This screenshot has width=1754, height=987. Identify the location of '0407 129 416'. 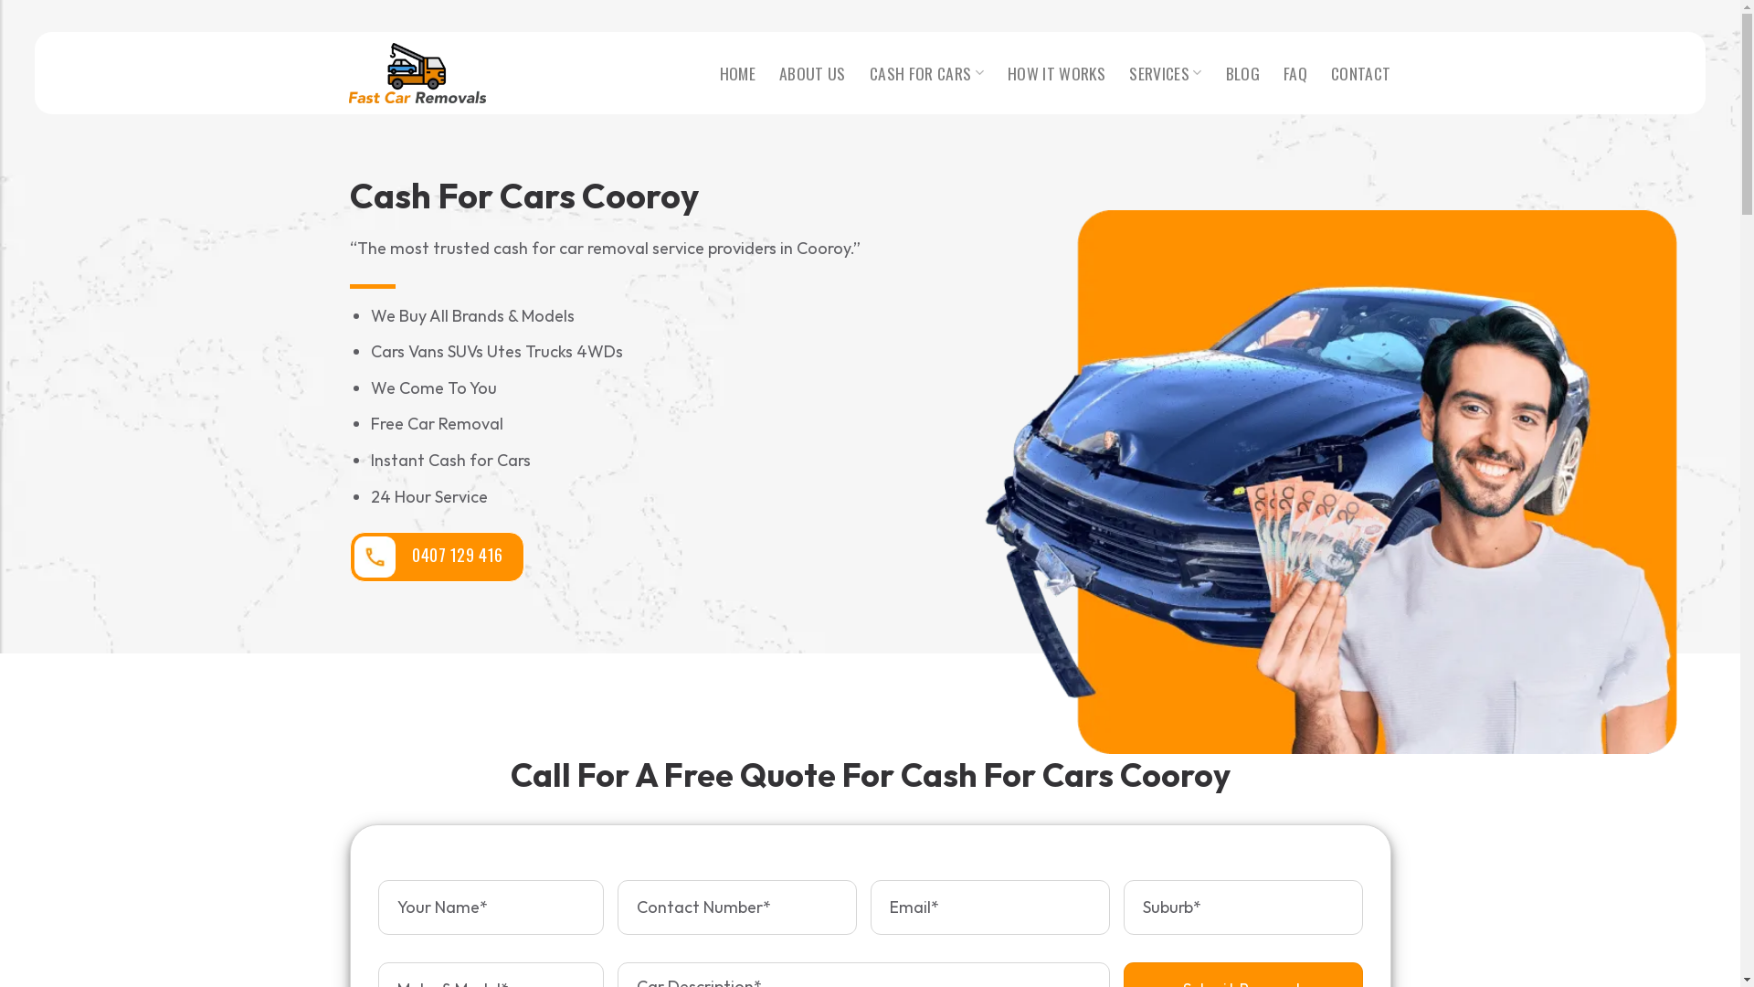
(435, 556).